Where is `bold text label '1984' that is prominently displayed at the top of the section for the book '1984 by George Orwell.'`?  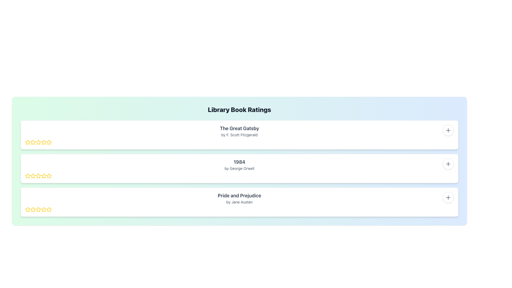
bold text label '1984' that is prominently displayed at the top of the section for the book '1984 by George Orwell.' is located at coordinates (239, 162).